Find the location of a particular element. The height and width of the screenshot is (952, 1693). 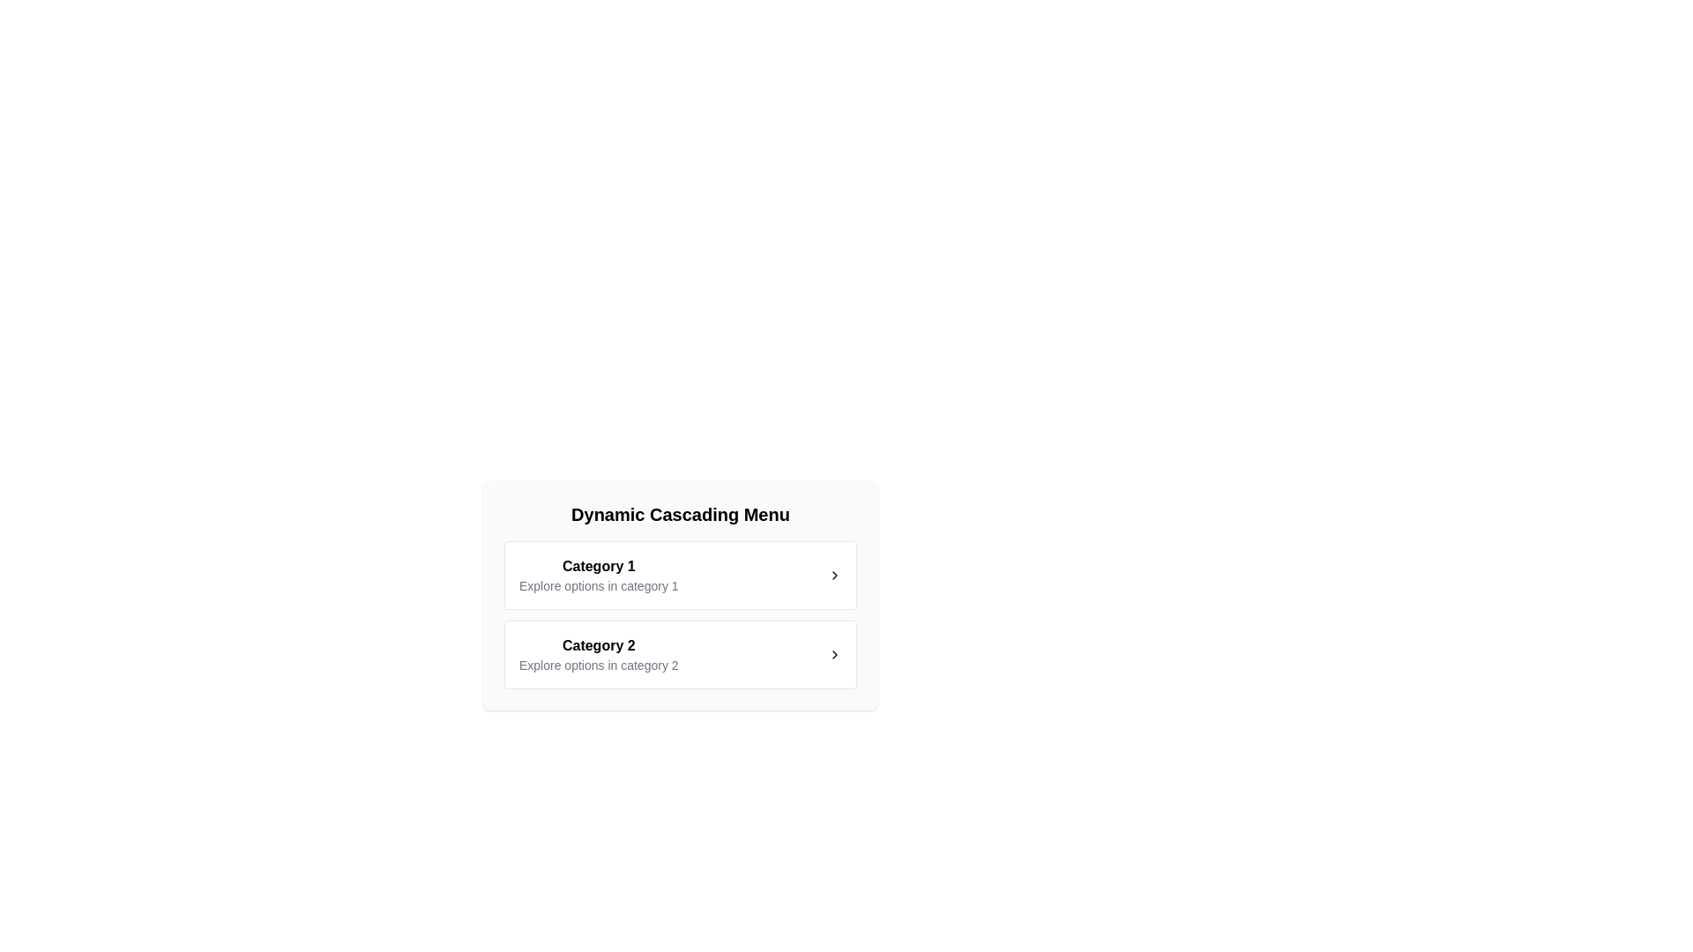

displayed information from the Text block with title and description that serves as a menu option for Category 2, located in the second row of the interactive cascading menu beneath 'Category 1' is located at coordinates (599, 655).